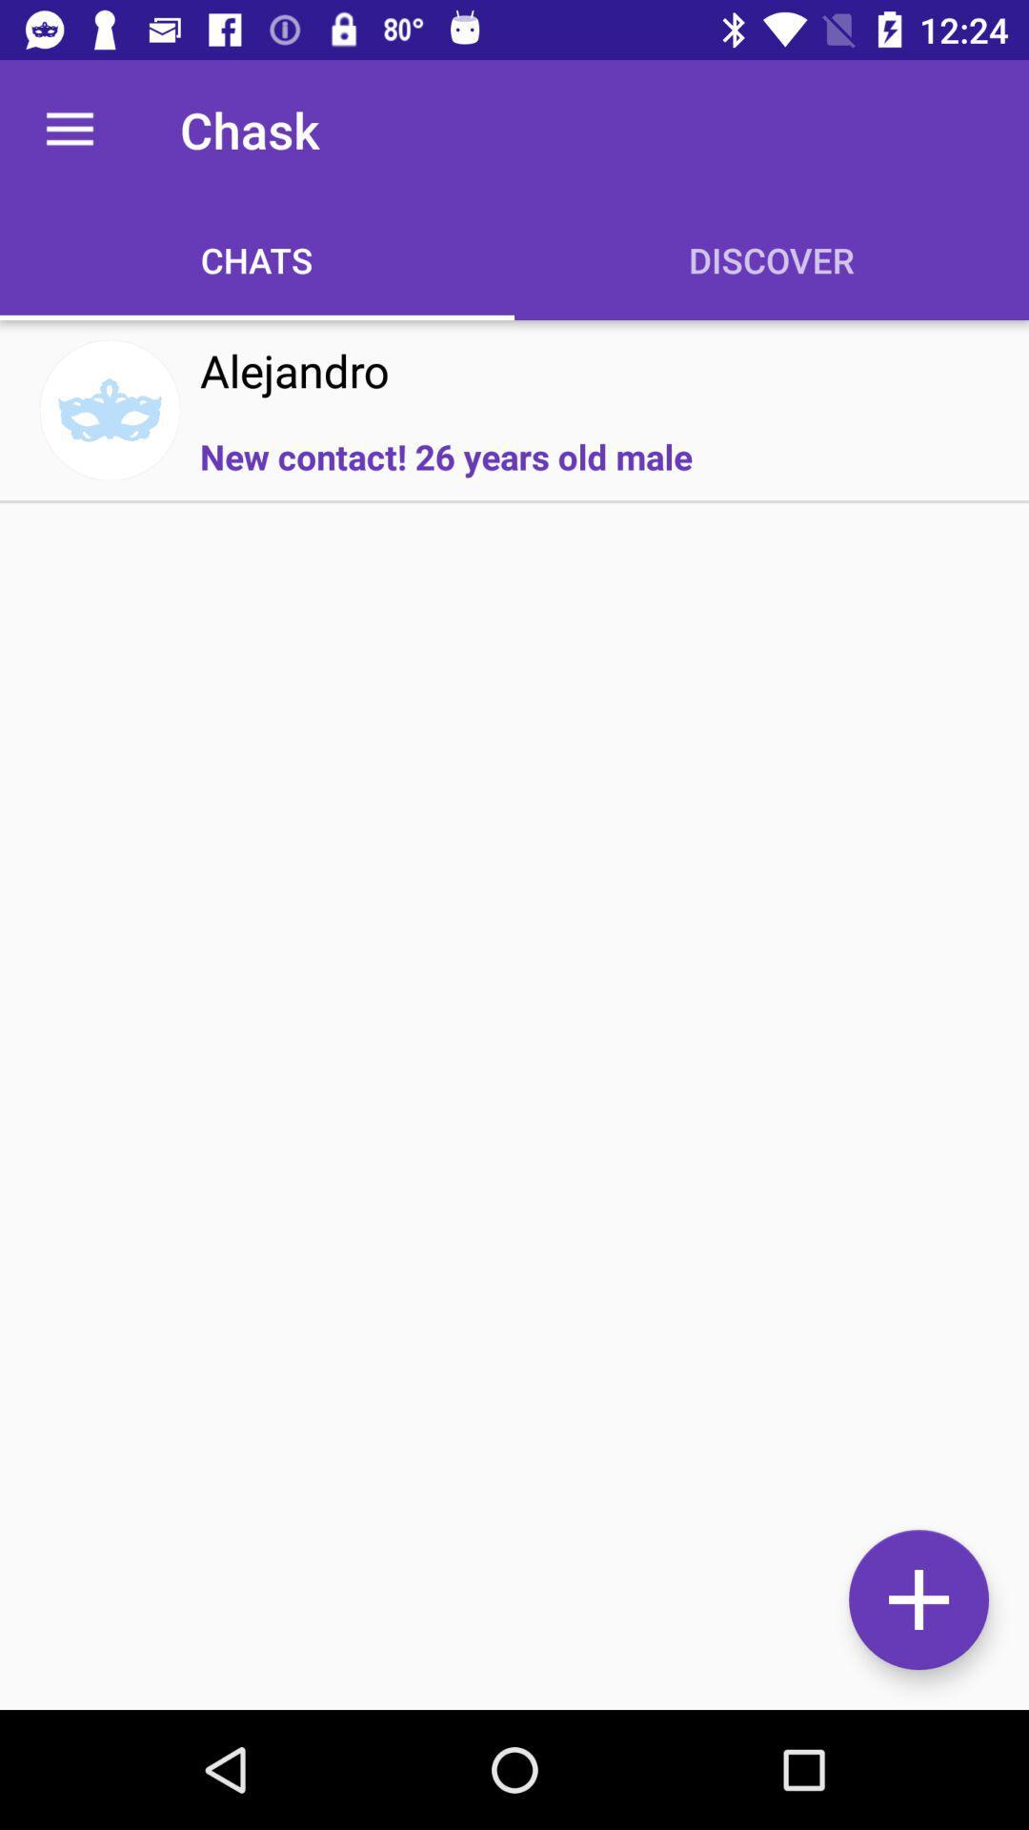 The width and height of the screenshot is (1029, 1830). What do you see at coordinates (69, 129) in the screenshot?
I see `the item to the left of the chask icon` at bounding box center [69, 129].